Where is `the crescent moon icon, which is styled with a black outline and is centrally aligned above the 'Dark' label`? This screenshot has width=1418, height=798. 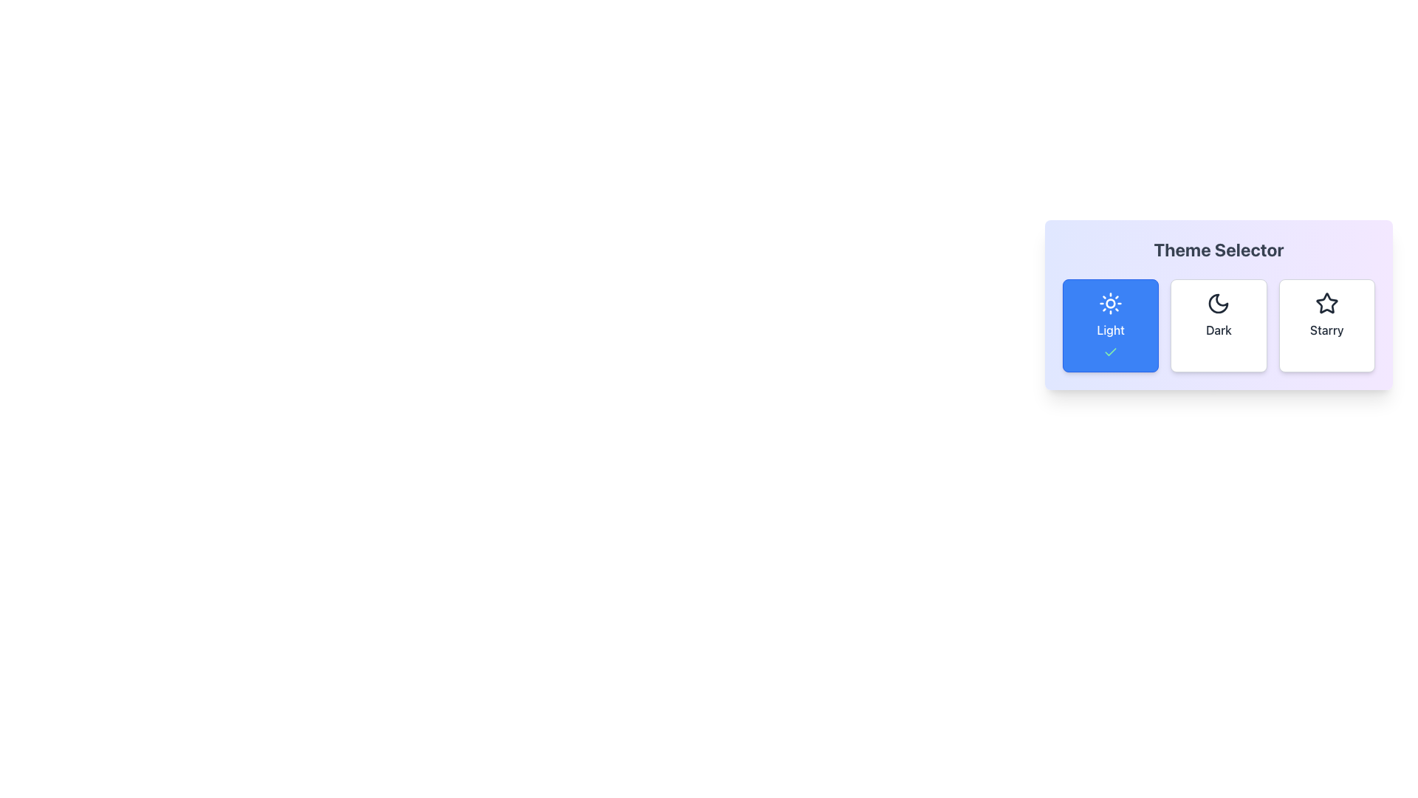 the crescent moon icon, which is styled with a black outline and is centrally aligned above the 'Dark' label is located at coordinates (1219, 303).